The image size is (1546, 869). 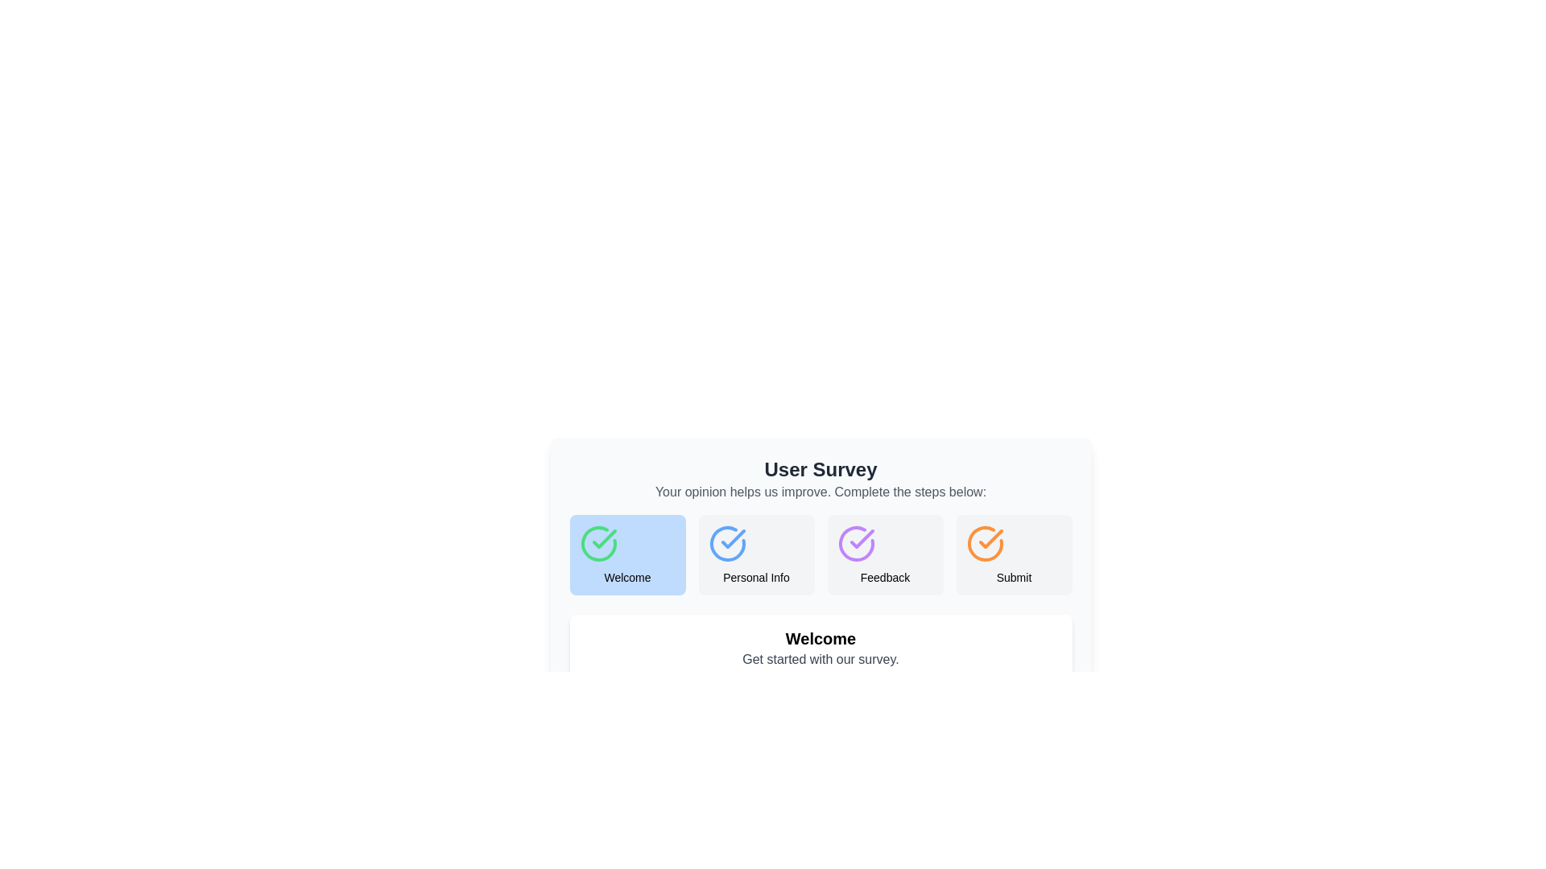 What do you see at coordinates (855, 543) in the screenshot?
I see `the 'Feedback' icon located in the third column of the icon list under the 'User Survey' header, which indicates successful completion or selection of this step` at bounding box center [855, 543].